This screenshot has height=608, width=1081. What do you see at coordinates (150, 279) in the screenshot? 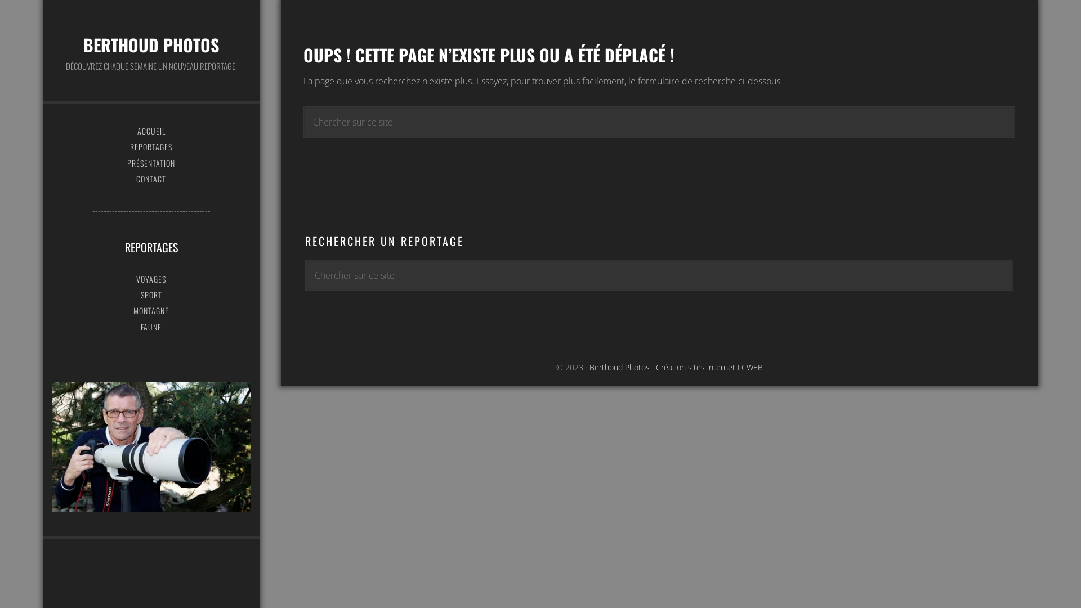
I see `'VOYAGES'` at bounding box center [150, 279].